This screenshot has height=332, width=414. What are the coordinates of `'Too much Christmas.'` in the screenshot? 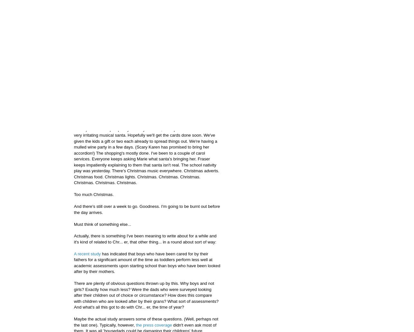 It's located at (94, 194).